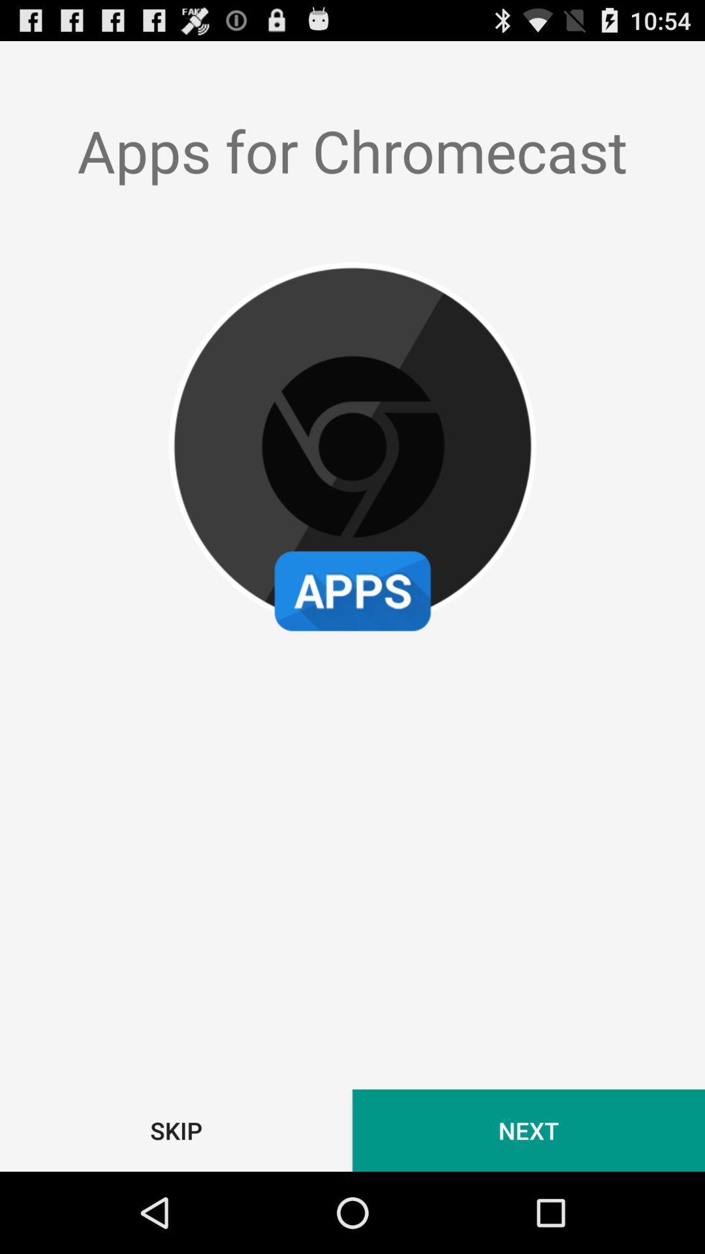 This screenshot has width=705, height=1254. I want to click on the item next to the skip, so click(529, 1130).